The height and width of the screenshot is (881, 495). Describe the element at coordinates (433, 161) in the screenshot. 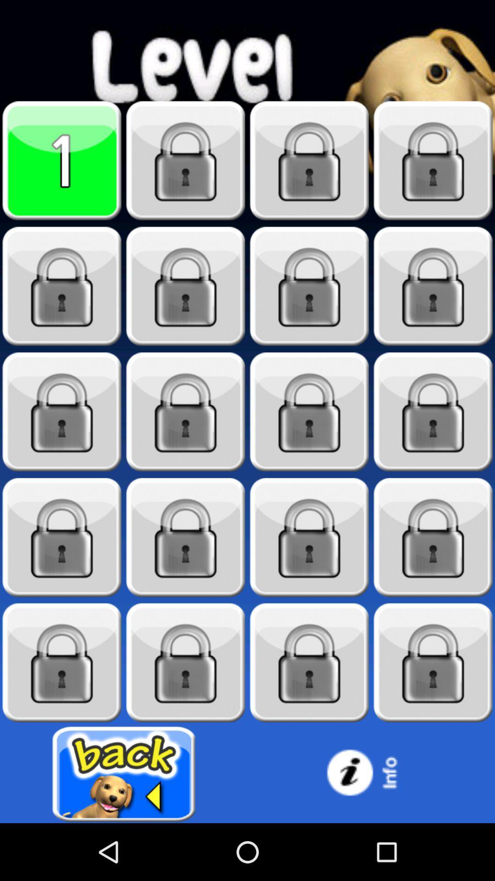

I see `access level 4` at that location.